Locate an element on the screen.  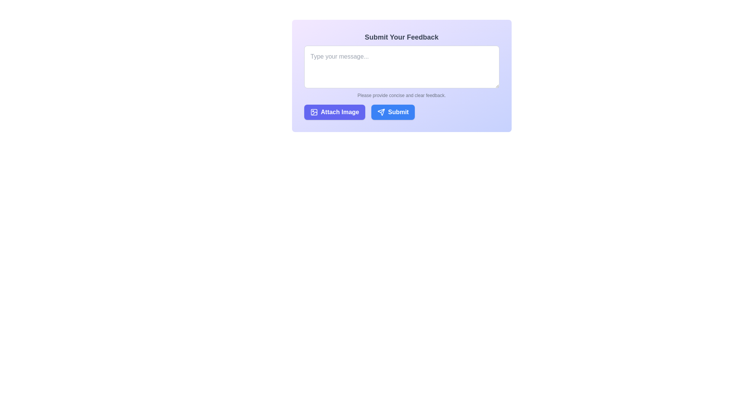
the second button located to the immediate right of the 'Attach Image' button within the 'Submit Your Feedback' section is located at coordinates (393, 112).